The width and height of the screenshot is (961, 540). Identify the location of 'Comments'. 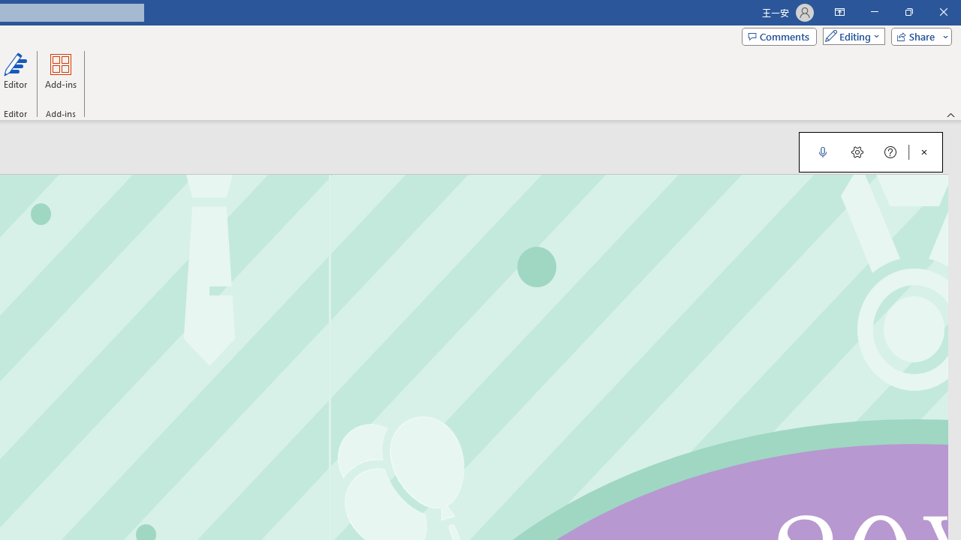
(779, 35).